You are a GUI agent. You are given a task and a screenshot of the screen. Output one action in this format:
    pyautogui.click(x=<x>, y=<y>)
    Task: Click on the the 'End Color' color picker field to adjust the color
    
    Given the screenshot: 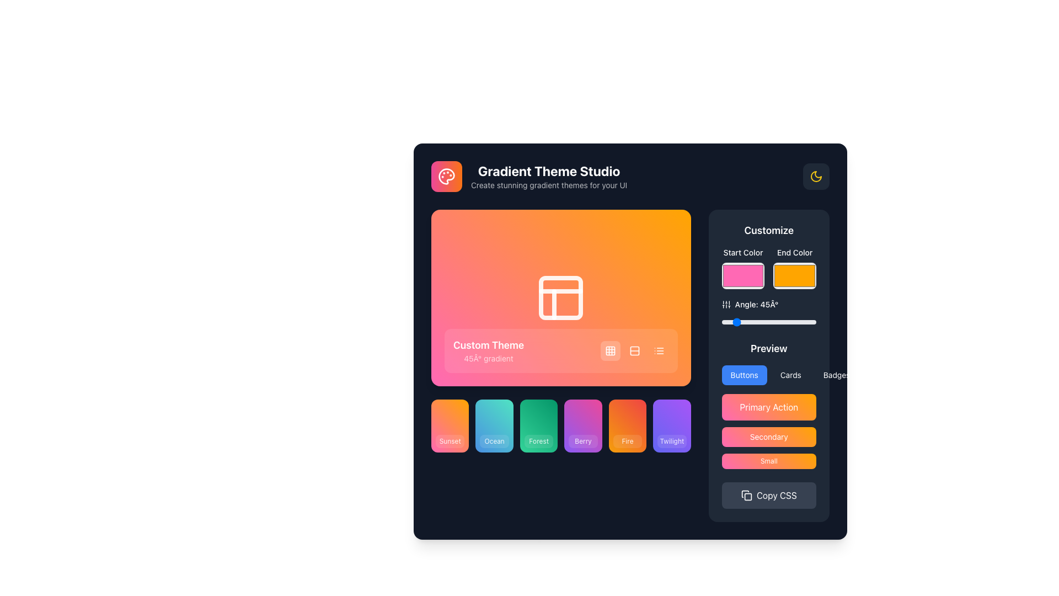 What is the action you would take?
    pyautogui.click(x=795, y=268)
    